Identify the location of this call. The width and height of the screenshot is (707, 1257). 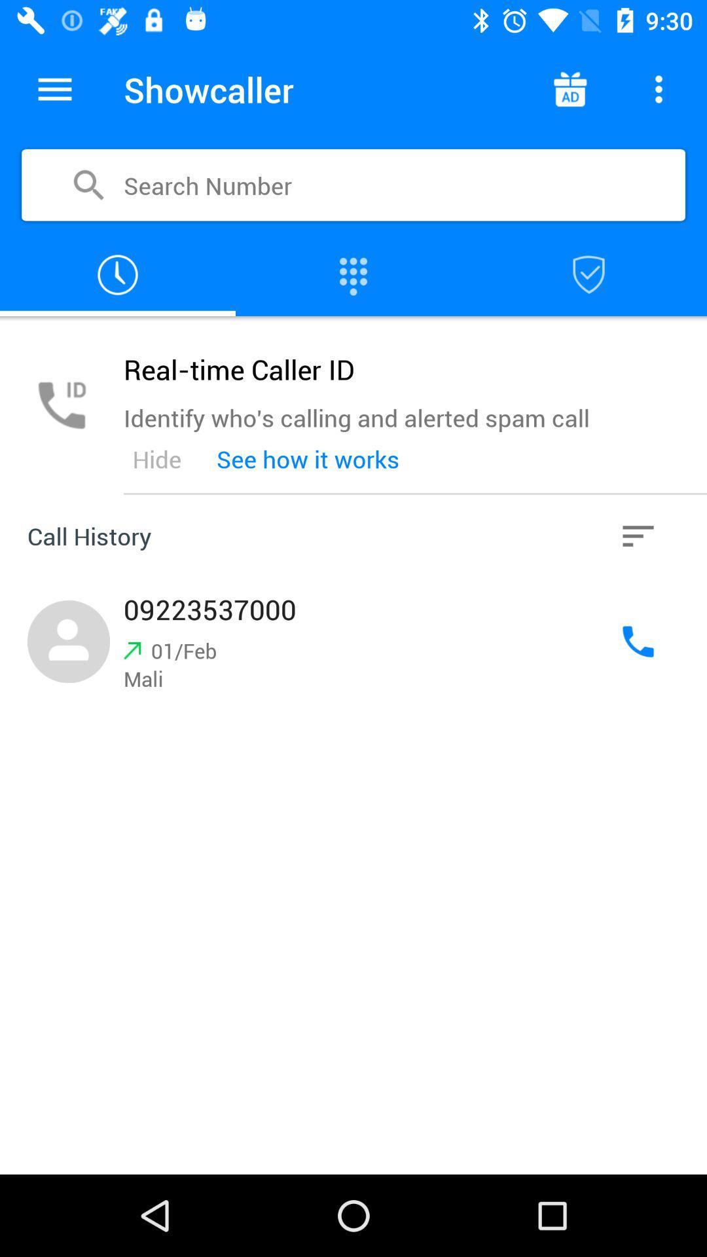
(353, 642).